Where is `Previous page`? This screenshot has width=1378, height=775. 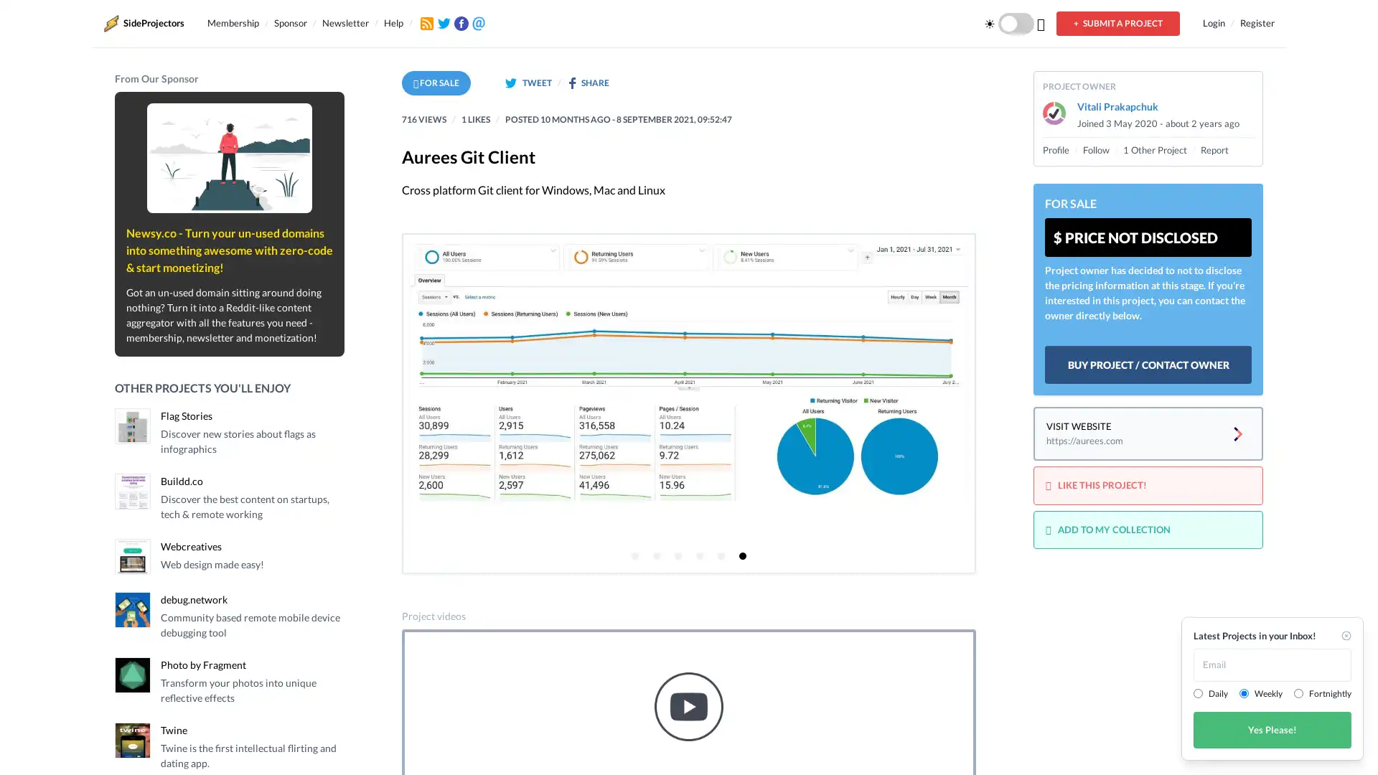
Previous page is located at coordinates (402, 403).